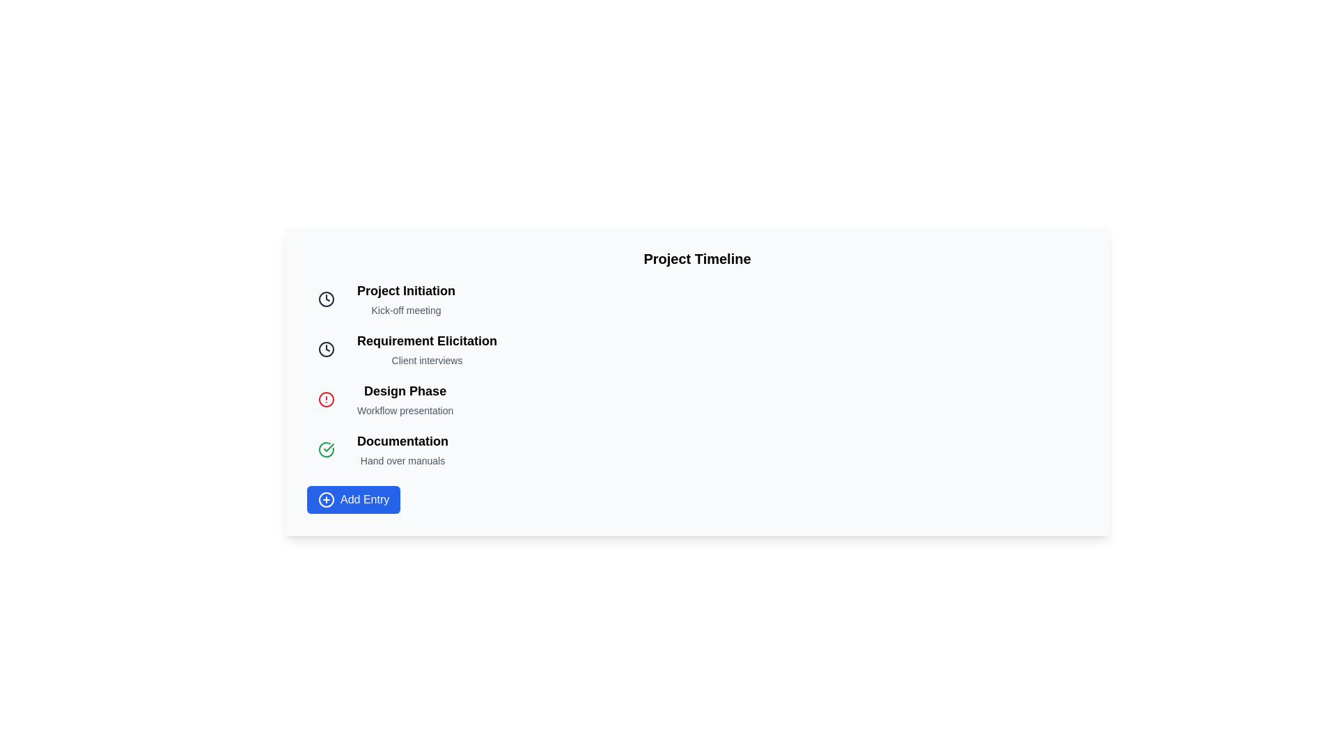 The image size is (1337, 752). Describe the element at coordinates (326, 449) in the screenshot. I see `the circular green checkmark icon indicating a completed state, located to the left of the text 'Documentation' in the fourth position of the vertical timeline interface` at that location.